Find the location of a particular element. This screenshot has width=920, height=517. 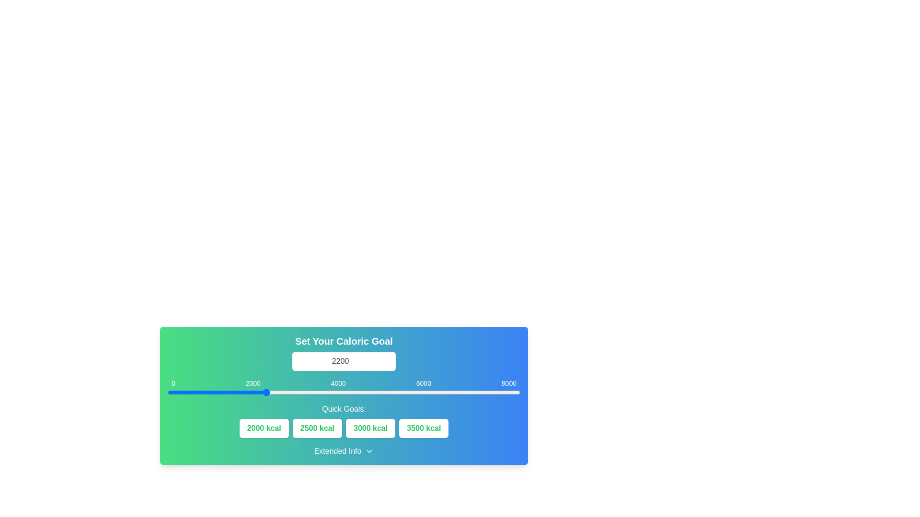

the button labeled '3000 kcal' is located at coordinates (370, 427).